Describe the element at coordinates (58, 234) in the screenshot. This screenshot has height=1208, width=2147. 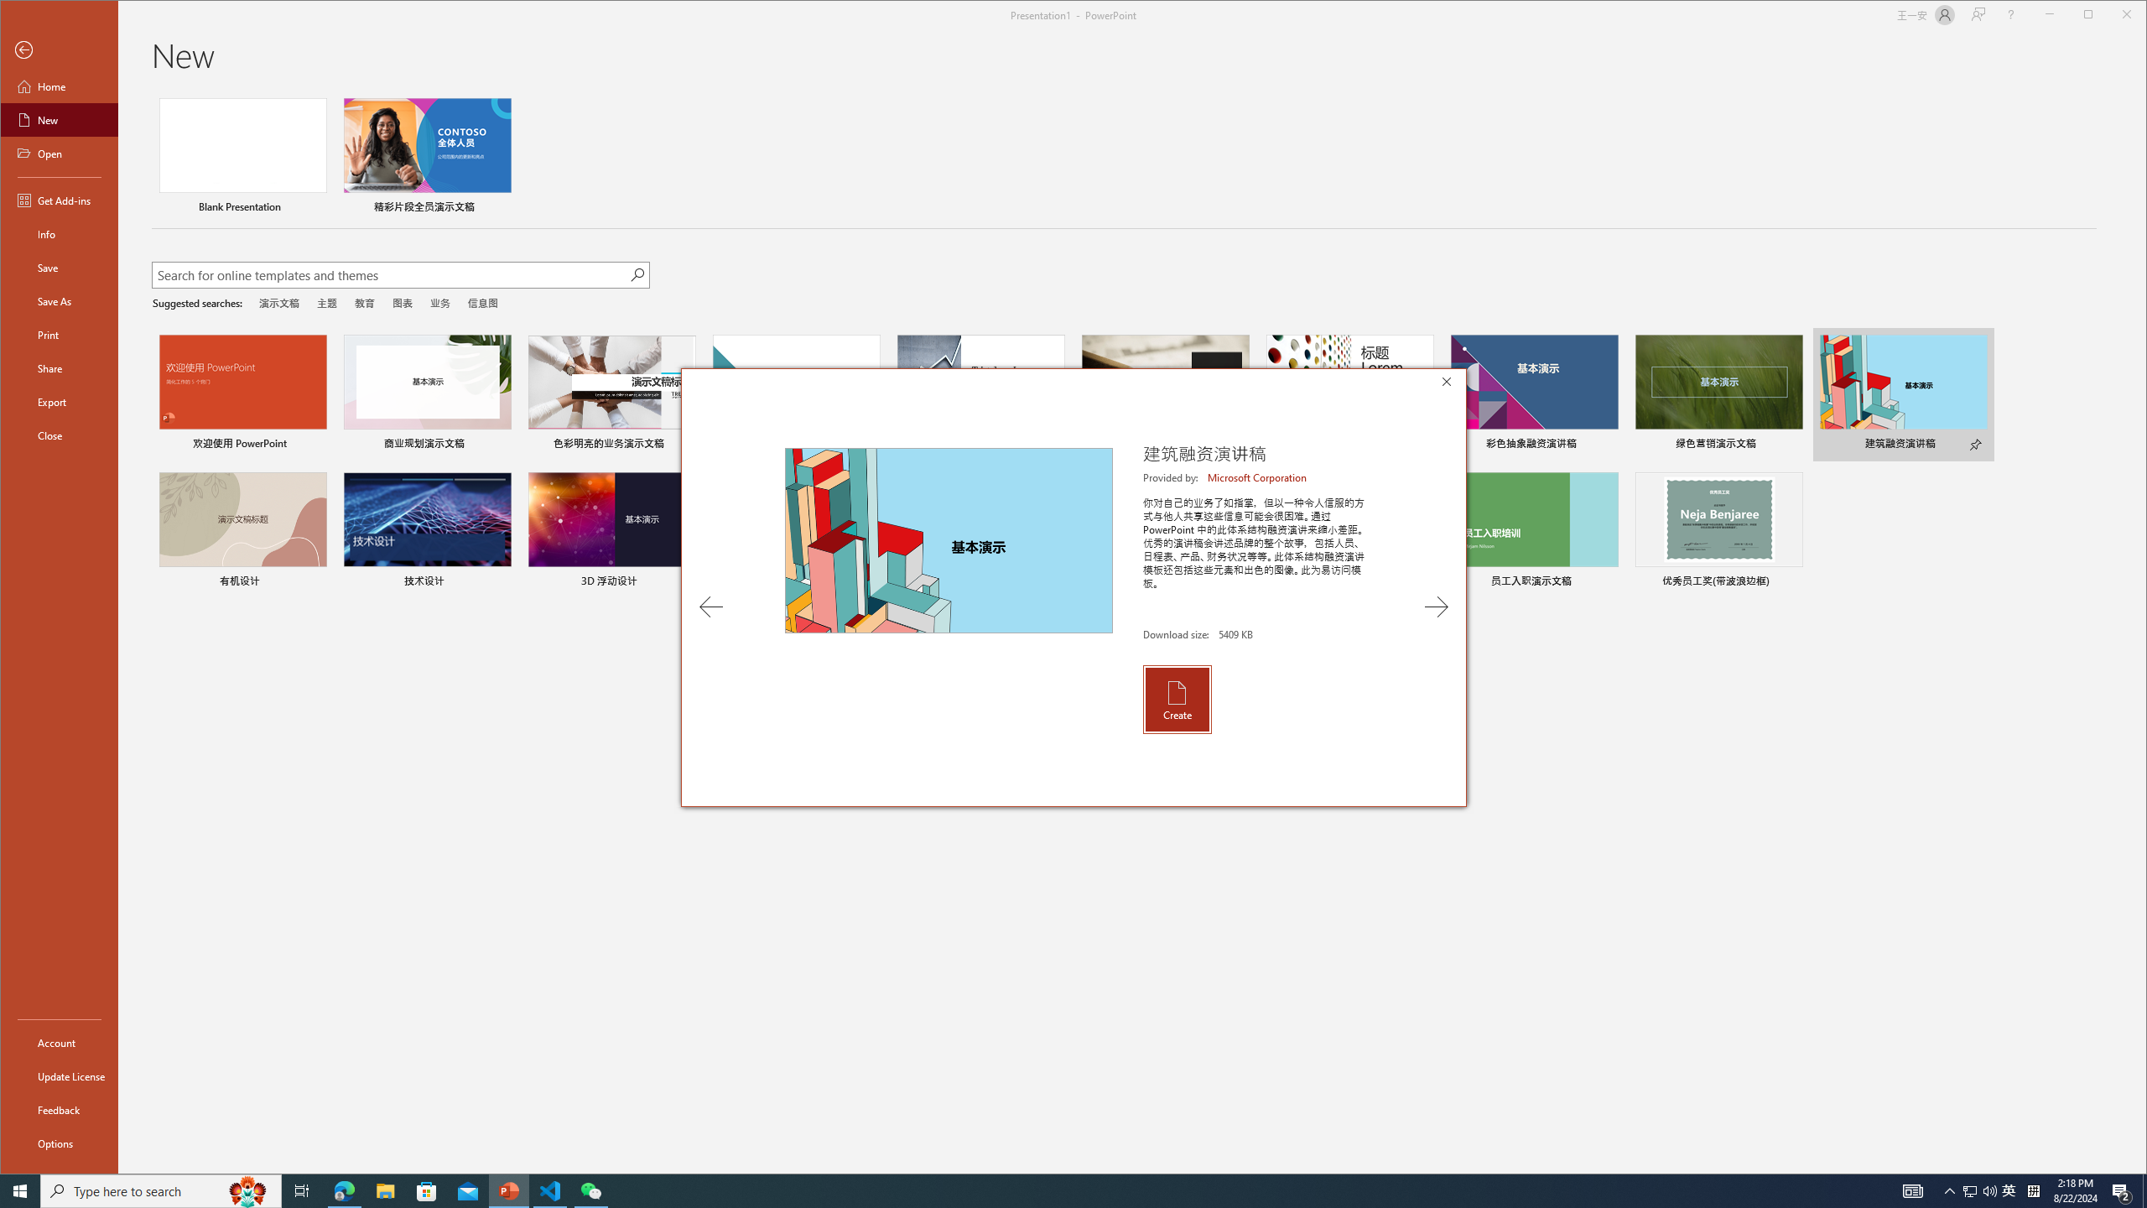
I see `'Info'` at that location.